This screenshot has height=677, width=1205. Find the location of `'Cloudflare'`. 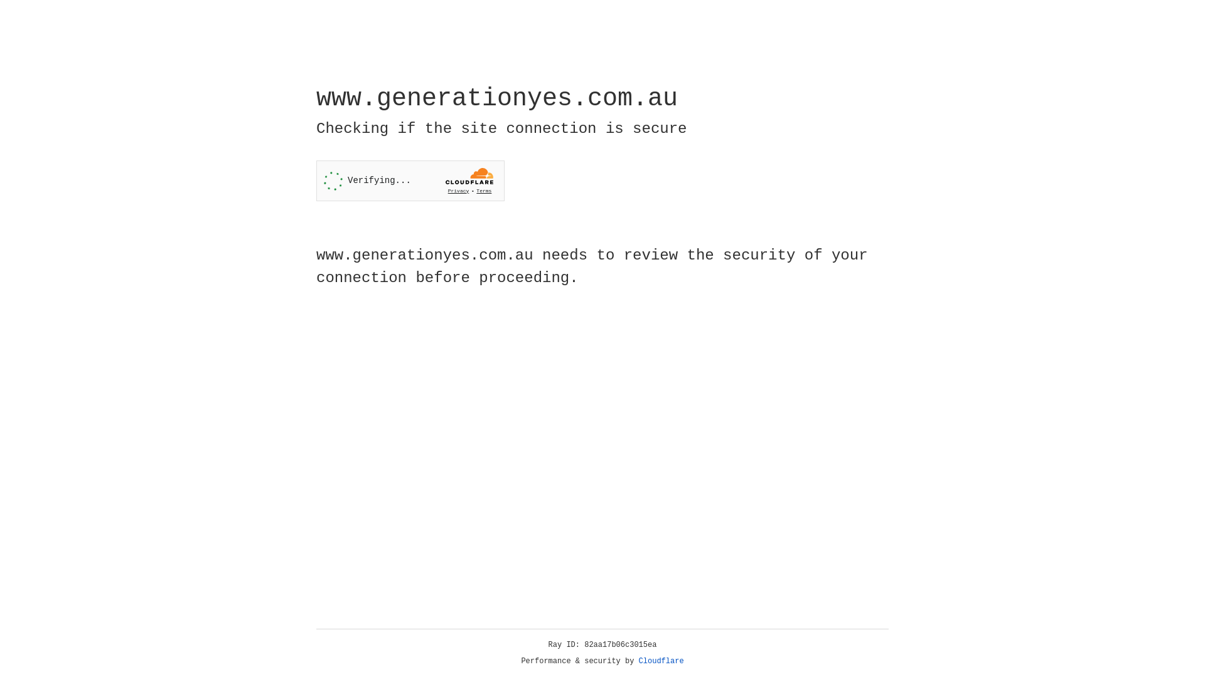

'Cloudflare' is located at coordinates (661, 661).